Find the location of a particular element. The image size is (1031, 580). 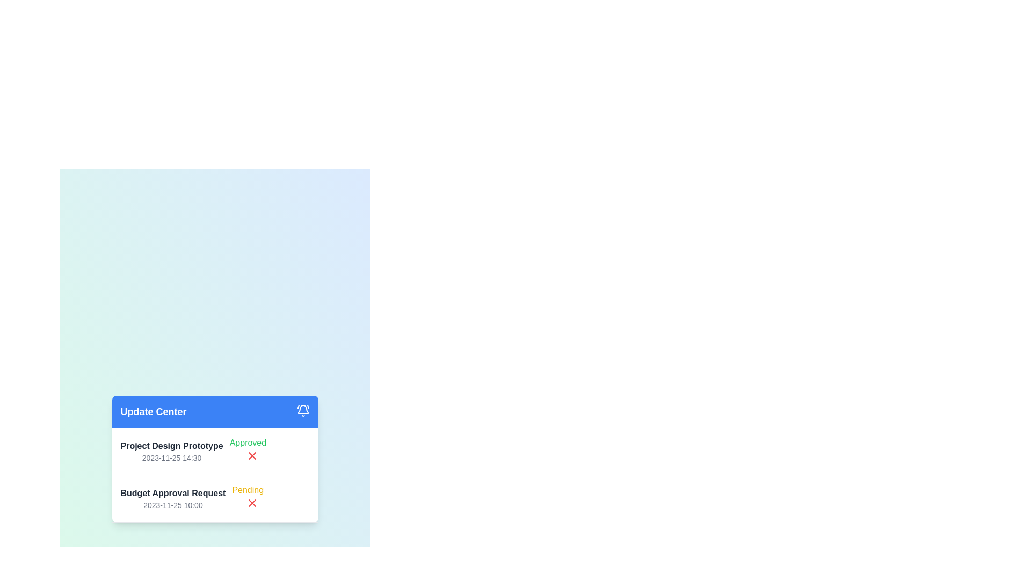

the text label identifying the subject of a notification in the second row of the 'Update Center' card, which is located below 'Project Design Prototype' is located at coordinates (173, 493).